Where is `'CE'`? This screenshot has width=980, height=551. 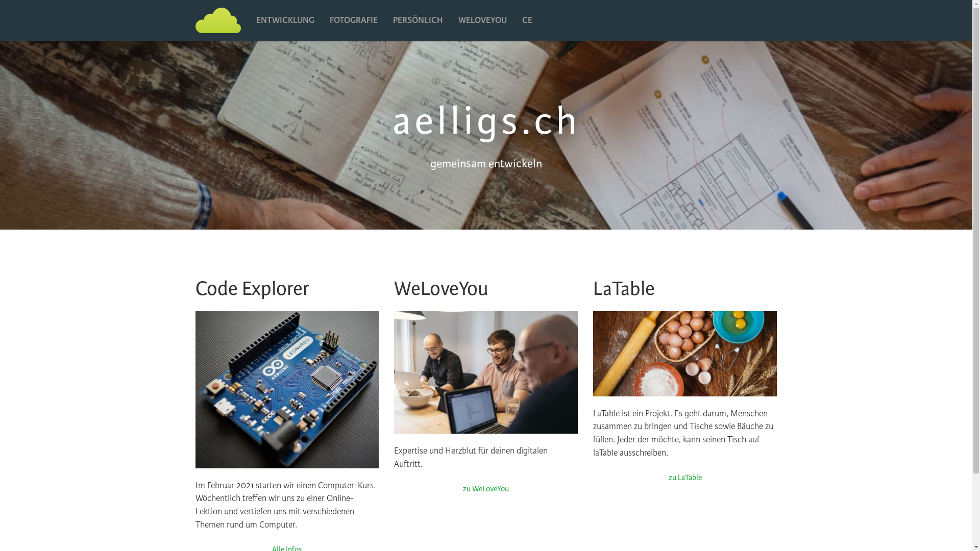 'CE' is located at coordinates (527, 20).